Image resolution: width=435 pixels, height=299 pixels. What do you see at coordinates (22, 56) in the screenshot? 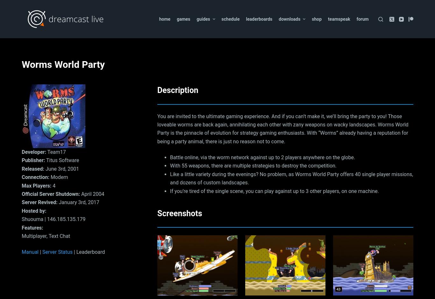
I see `'Excellent'` at bounding box center [22, 56].